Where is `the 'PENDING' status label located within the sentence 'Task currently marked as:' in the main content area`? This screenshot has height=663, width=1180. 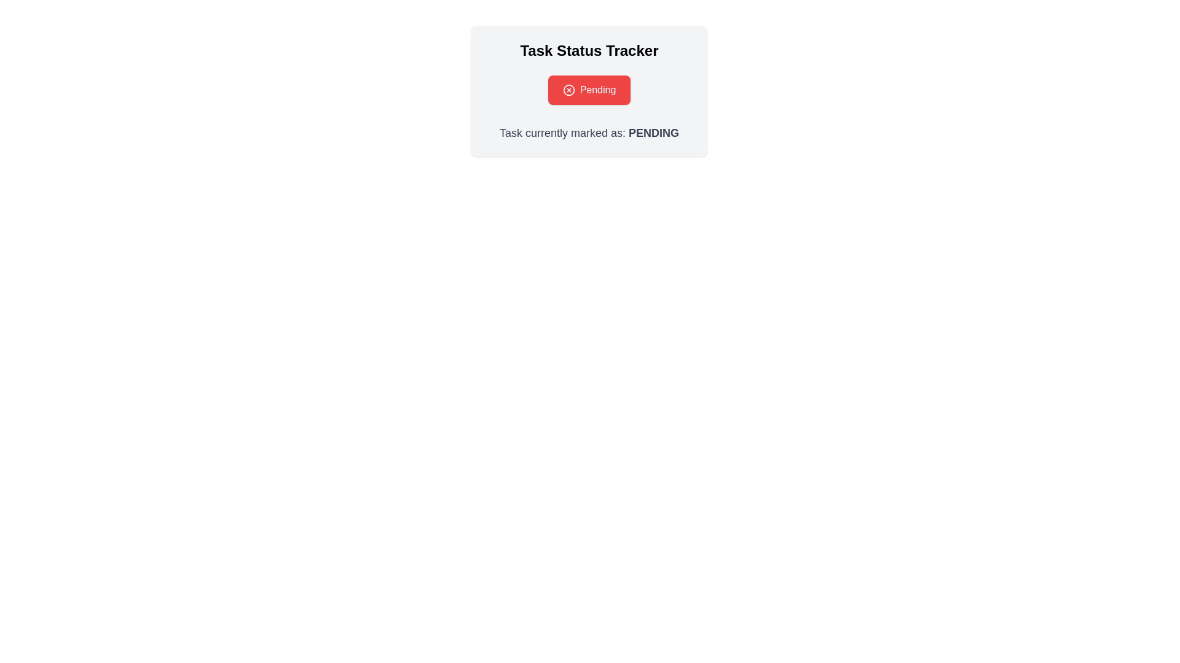
the 'PENDING' status label located within the sentence 'Task currently marked as:' in the main content area is located at coordinates (653, 133).